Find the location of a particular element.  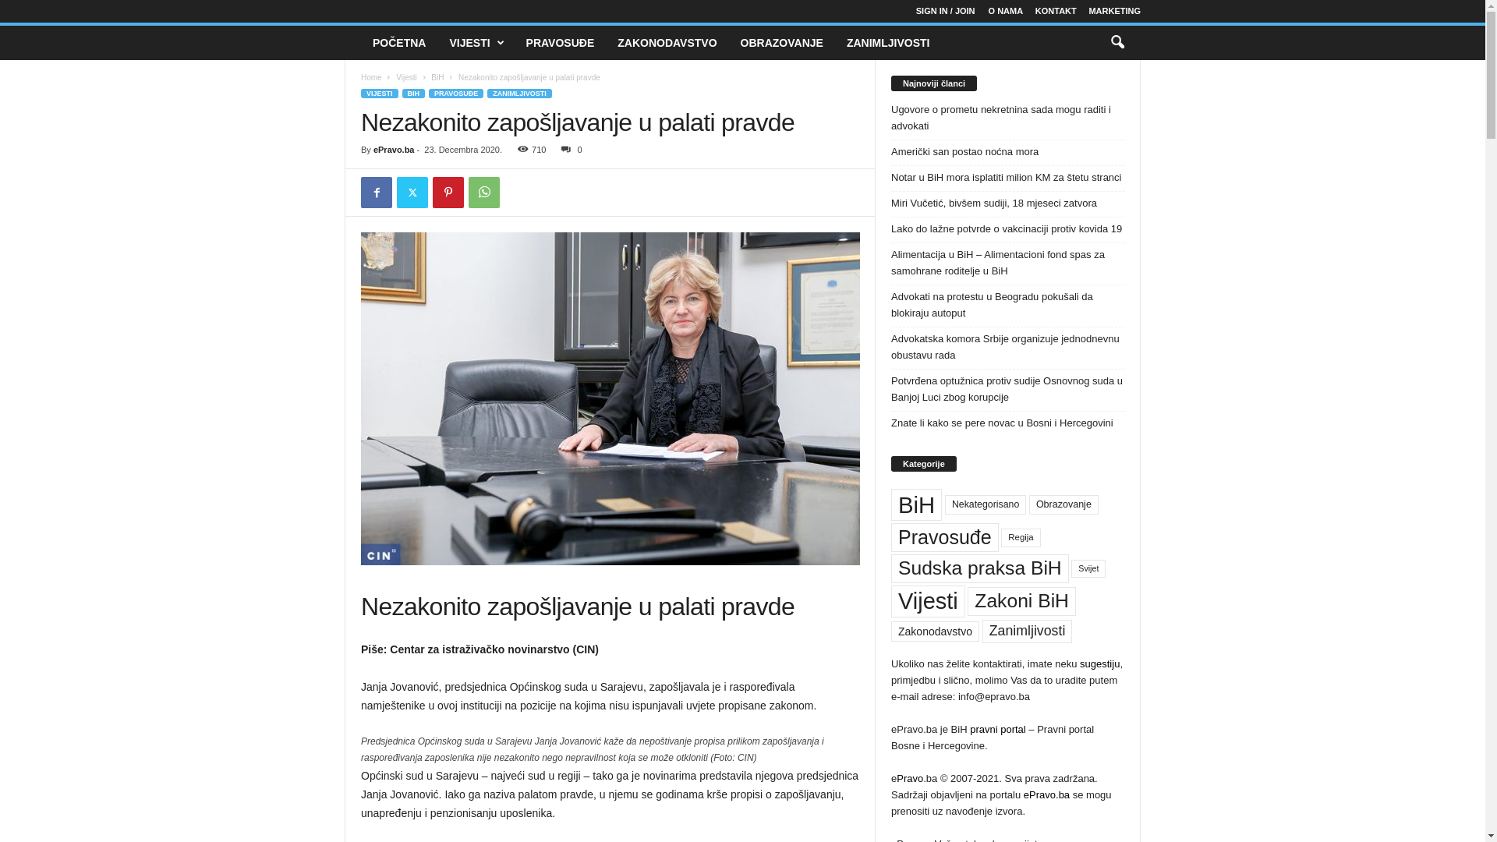

'O NAMA' is located at coordinates (1006, 11).